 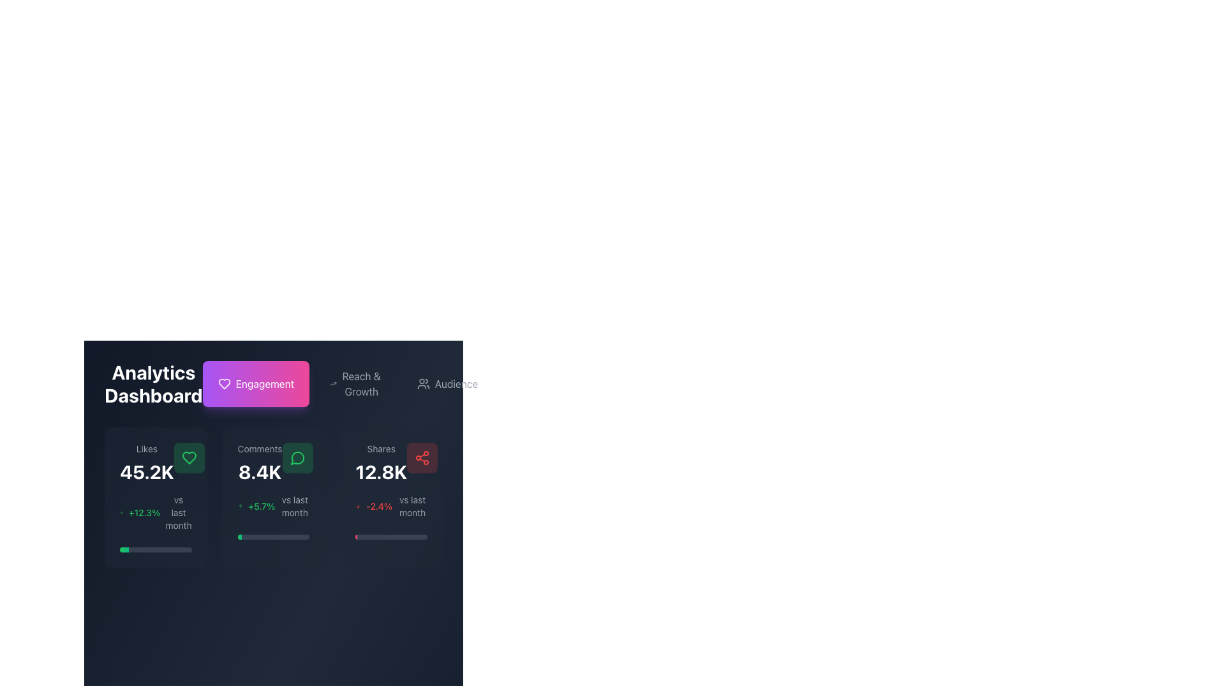 What do you see at coordinates (144, 512) in the screenshot?
I see `the bold green text label displaying '+12.3%' located in the first column of the analytics dashboard under the 'Likes' section, immediately following an upward arrow icon` at bounding box center [144, 512].